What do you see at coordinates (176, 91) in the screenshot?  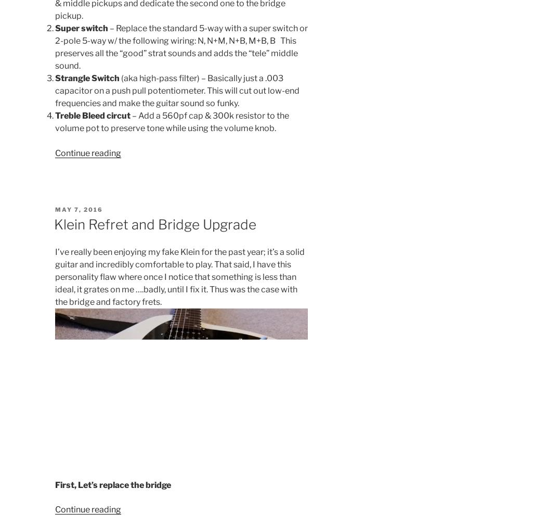 I see `'(aka high-pass filter) – Basically just a .003 capacitor on a push pull potentiometer. This will cut out low-end frequencies and make the guitar sound so funky.'` at bounding box center [176, 91].